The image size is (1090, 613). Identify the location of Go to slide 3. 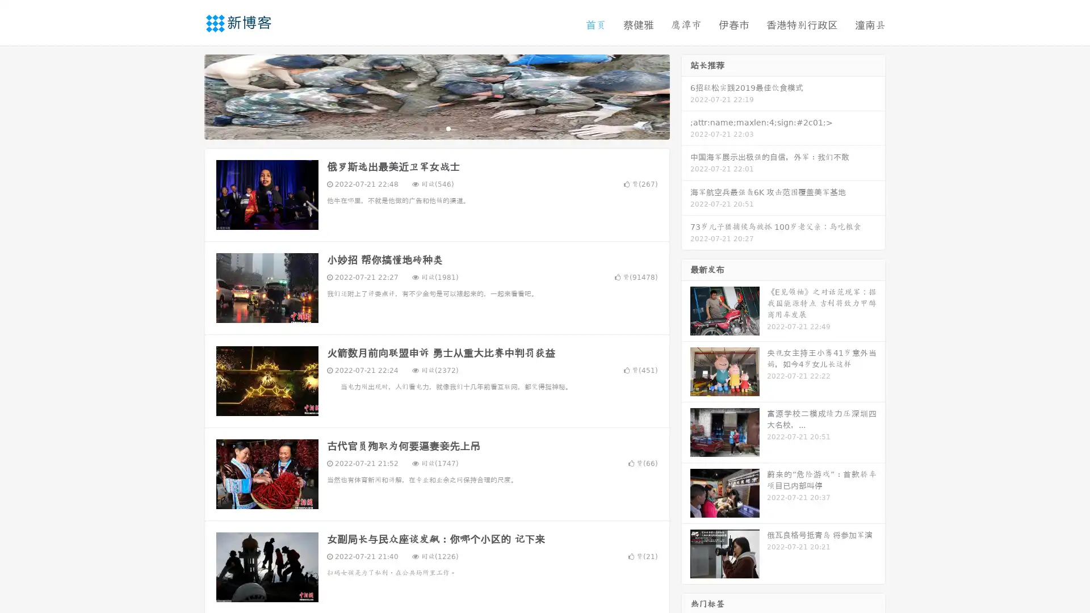
(448, 128).